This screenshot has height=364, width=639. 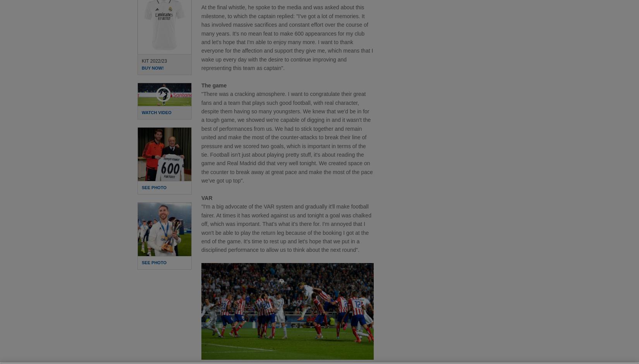 What do you see at coordinates (154, 60) in the screenshot?
I see `'Kit 2022/23'` at bounding box center [154, 60].